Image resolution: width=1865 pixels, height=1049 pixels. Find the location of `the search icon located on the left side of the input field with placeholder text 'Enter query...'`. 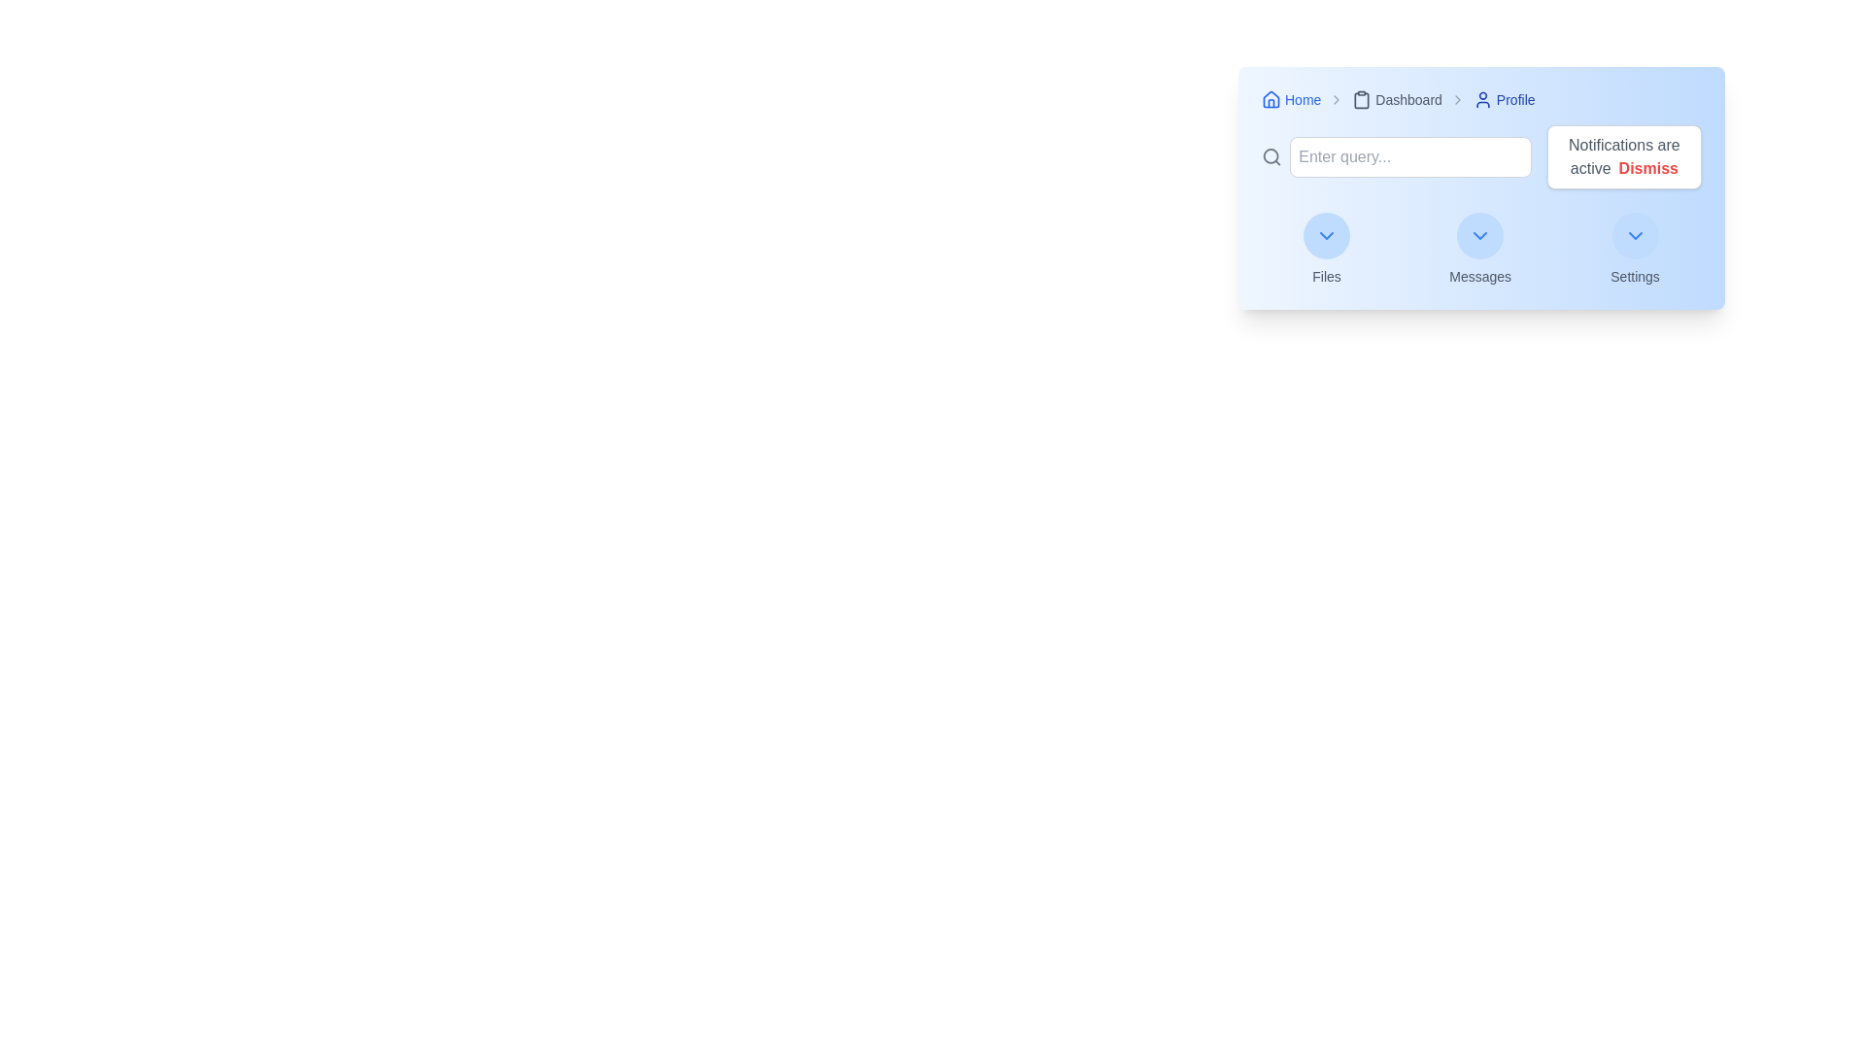

the search icon located on the left side of the input field with placeholder text 'Enter query...' is located at coordinates (1272, 156).